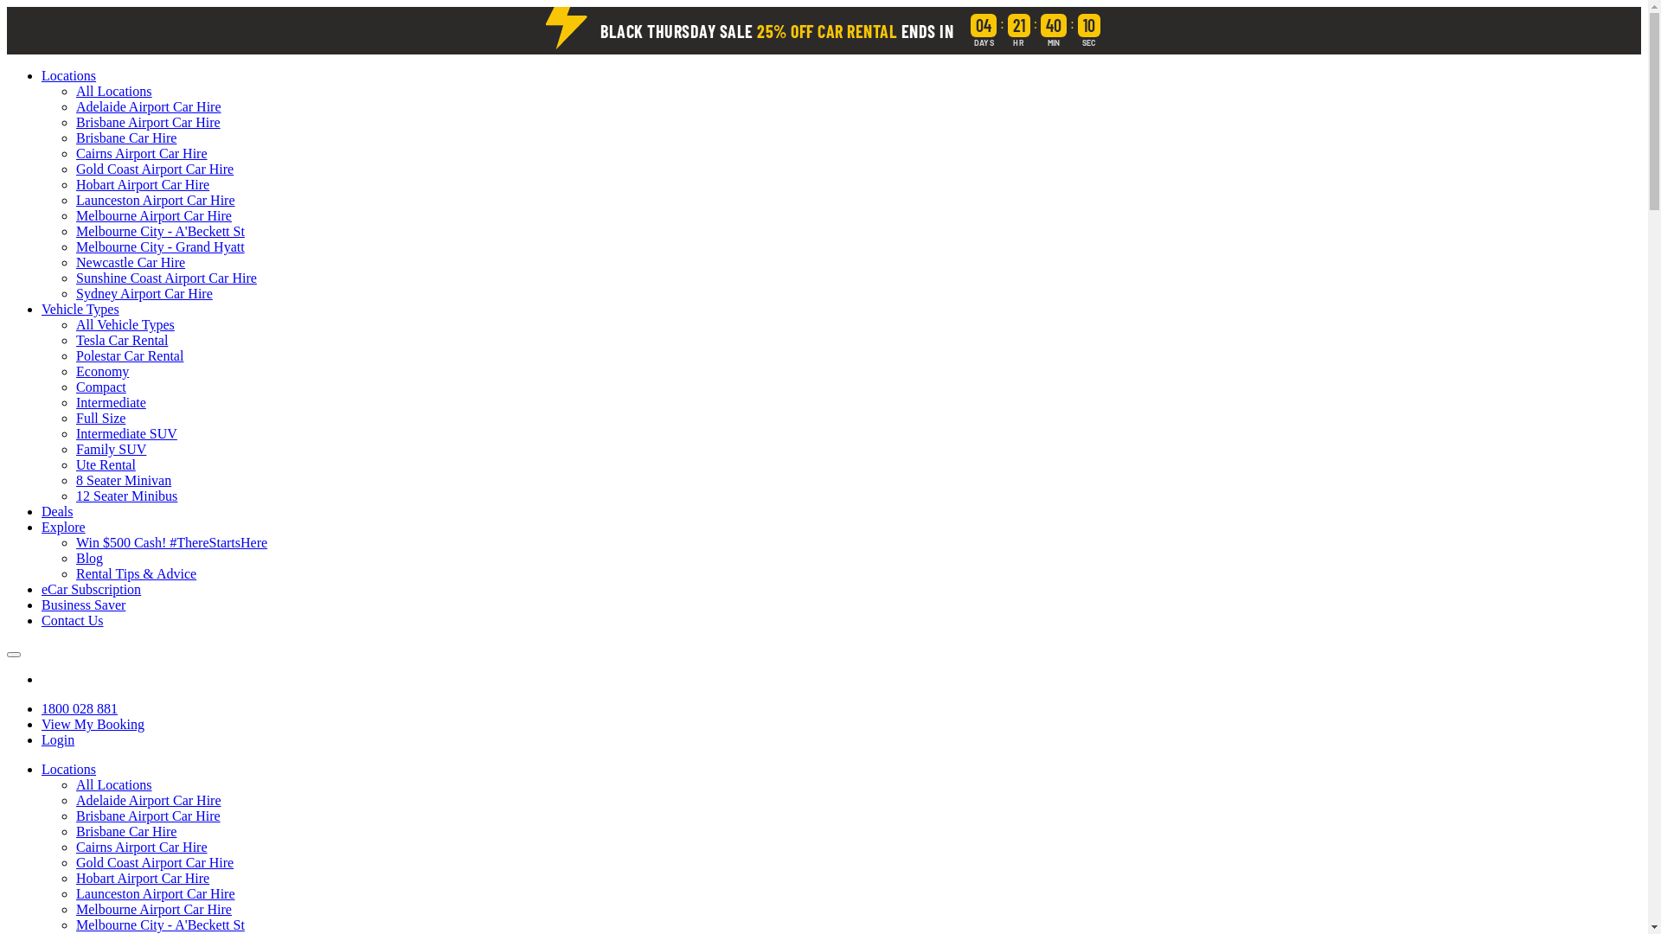 Image resolution: width=1661 pixels, height=934 pixels. I want to click on 'Blog', so click(74, 558).